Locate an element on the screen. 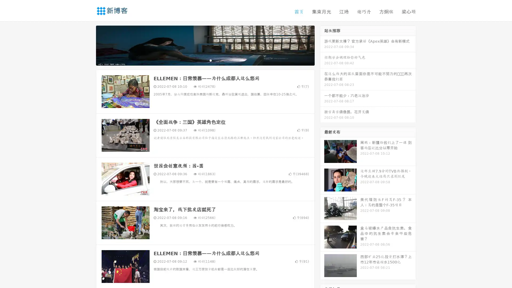 The image size is (512, 288). Previous slide is located at coordinates (88, 45).